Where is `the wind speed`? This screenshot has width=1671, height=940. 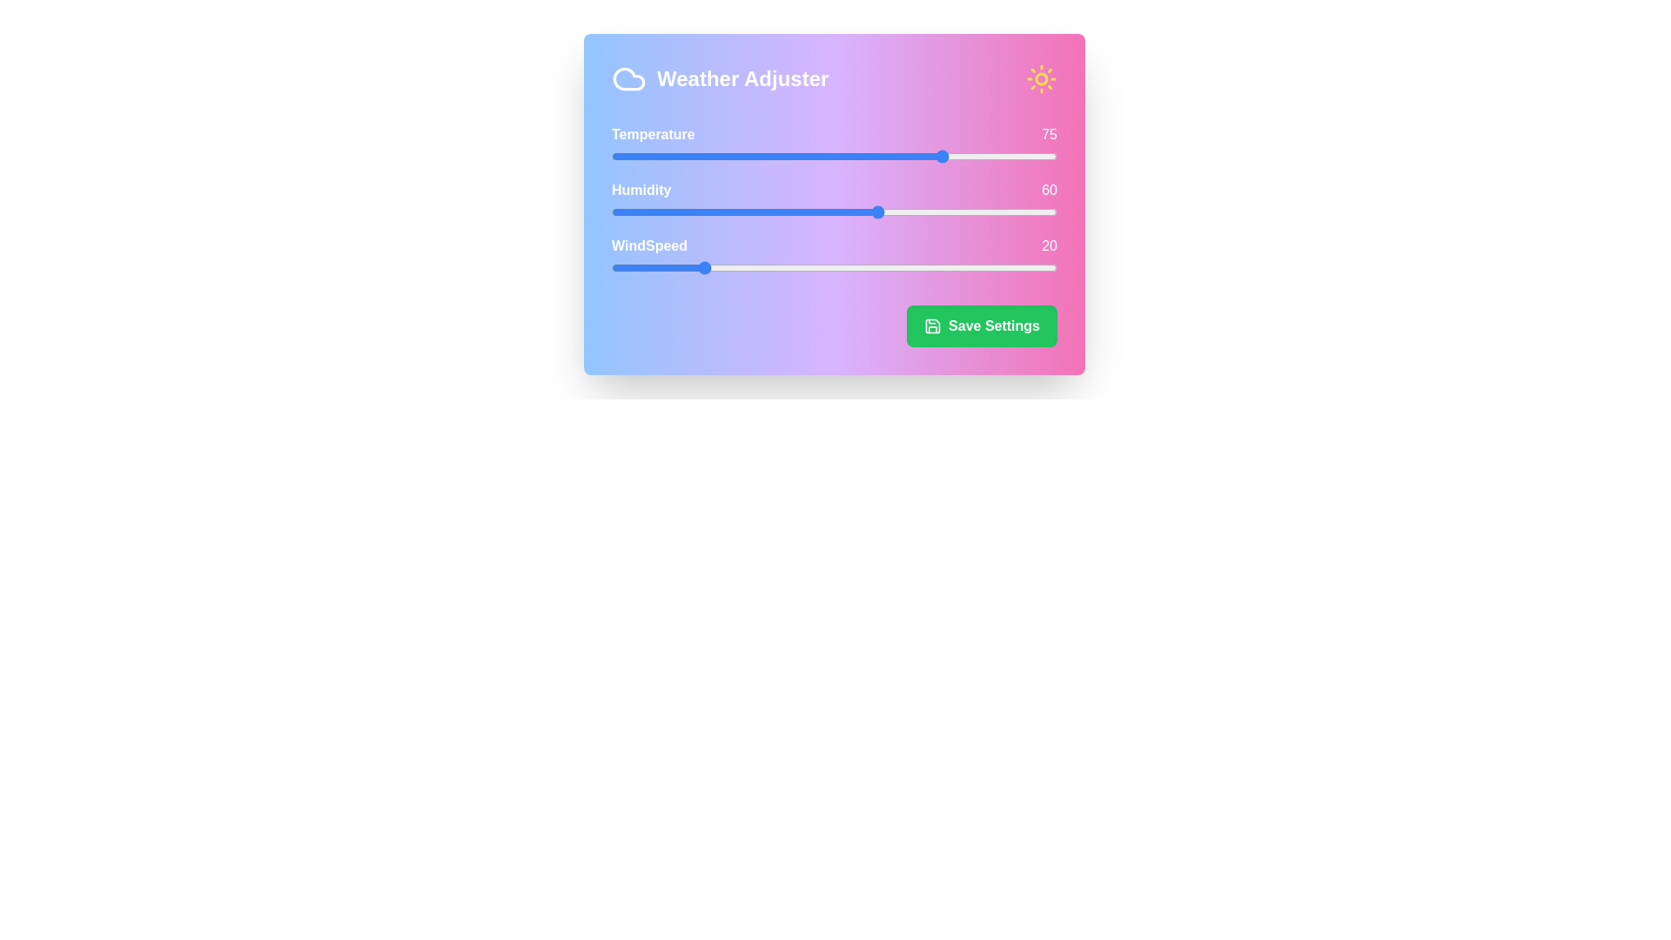
the wind speed is located at coordinates (741, 268).